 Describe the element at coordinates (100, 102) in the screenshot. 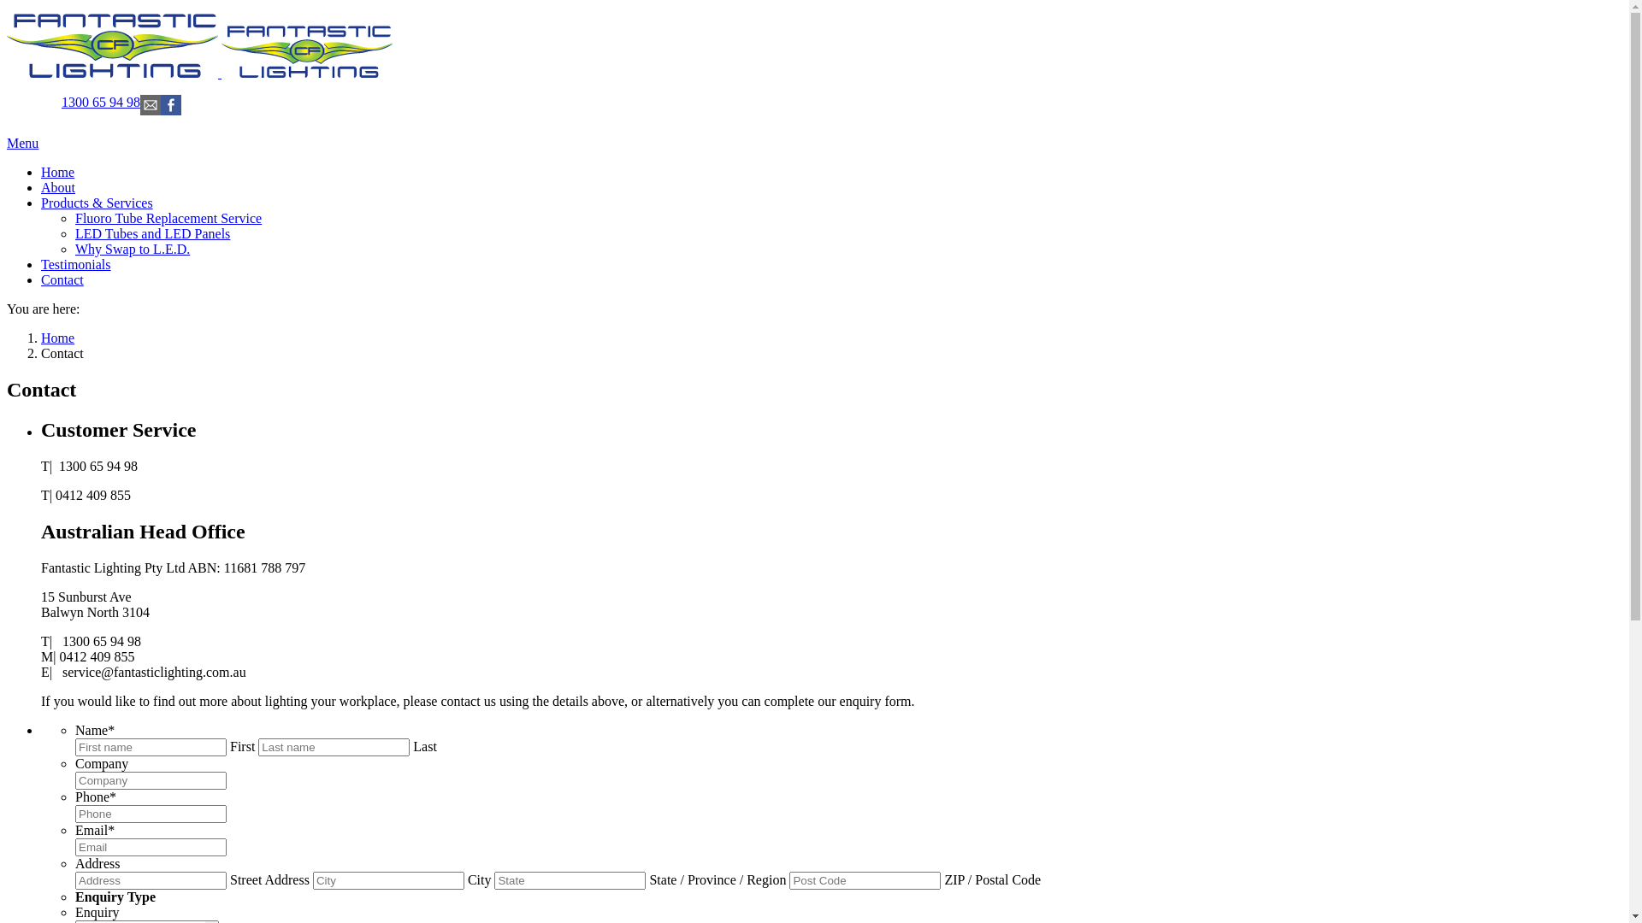

I see `'1300 65 94 98'` at that location.